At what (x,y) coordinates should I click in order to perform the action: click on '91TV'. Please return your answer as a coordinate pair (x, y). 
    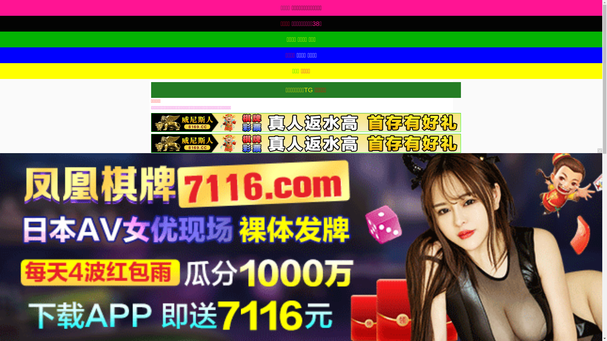
    Looking at the image, I should click on (517, 247).